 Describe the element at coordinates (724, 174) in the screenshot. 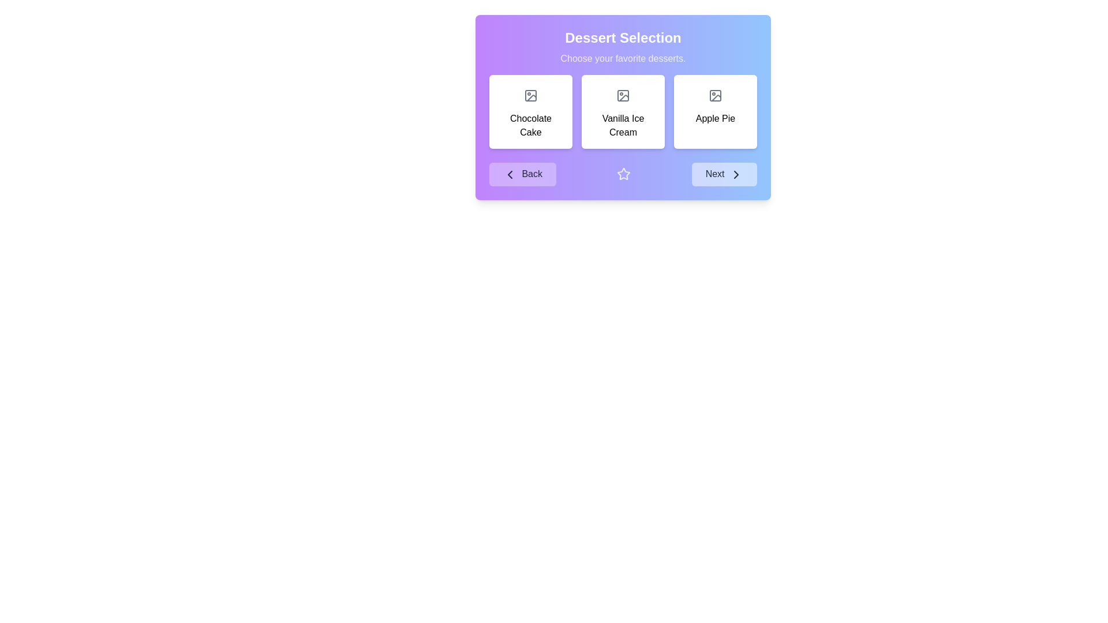

I see `the 'Next' button with rounded corners and a semi-transparent white background` at that location.